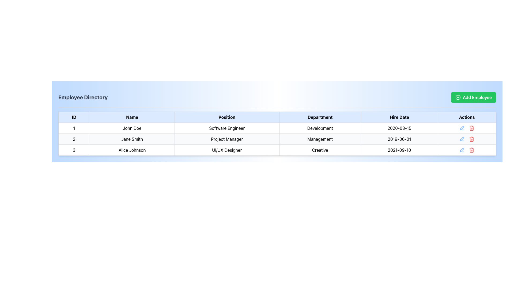 The image size is (514, 289). Describe the element at coordinates (227, 128) in the screenshot. I see `the 'Position' text label for the 'John Doe' entry in the employee directory table` at that location.